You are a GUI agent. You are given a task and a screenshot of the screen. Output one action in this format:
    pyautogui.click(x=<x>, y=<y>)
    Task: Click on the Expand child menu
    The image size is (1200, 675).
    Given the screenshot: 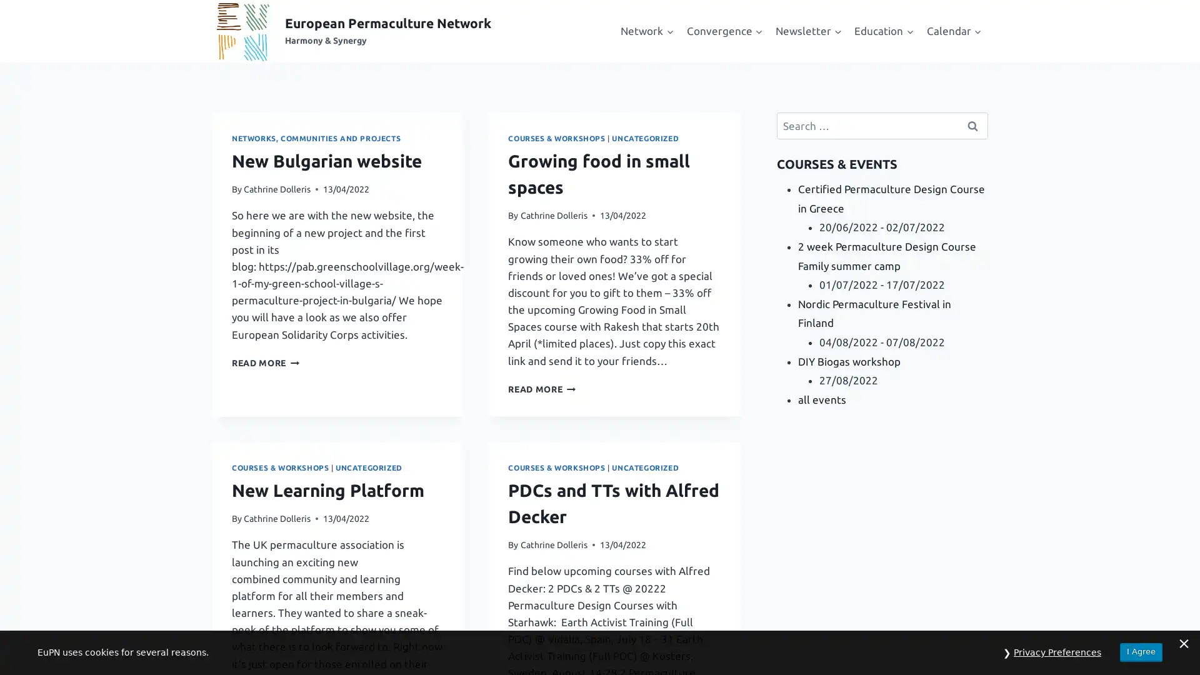 What is the action you would take?
    pyautogui.click(x=953, y=30)
    